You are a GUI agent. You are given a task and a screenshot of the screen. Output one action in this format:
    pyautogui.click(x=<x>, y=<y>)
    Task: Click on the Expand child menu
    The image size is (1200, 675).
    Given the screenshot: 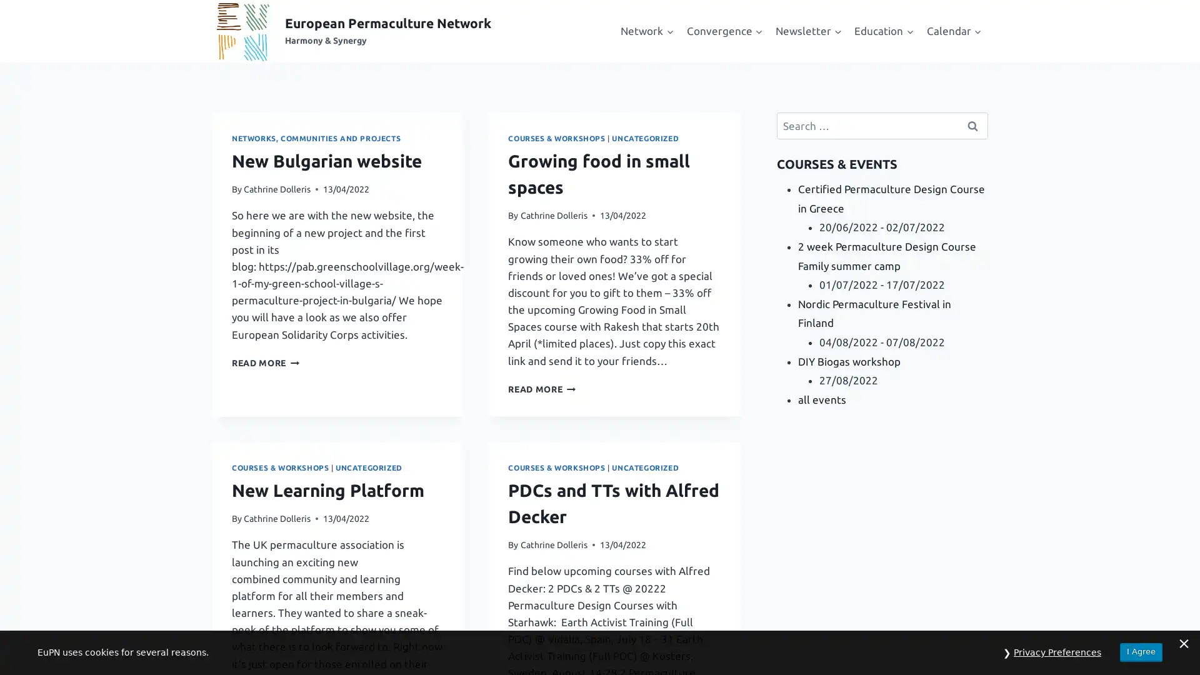 What is the action you would take?
    pyautogui.click(x=953, y=30)
    